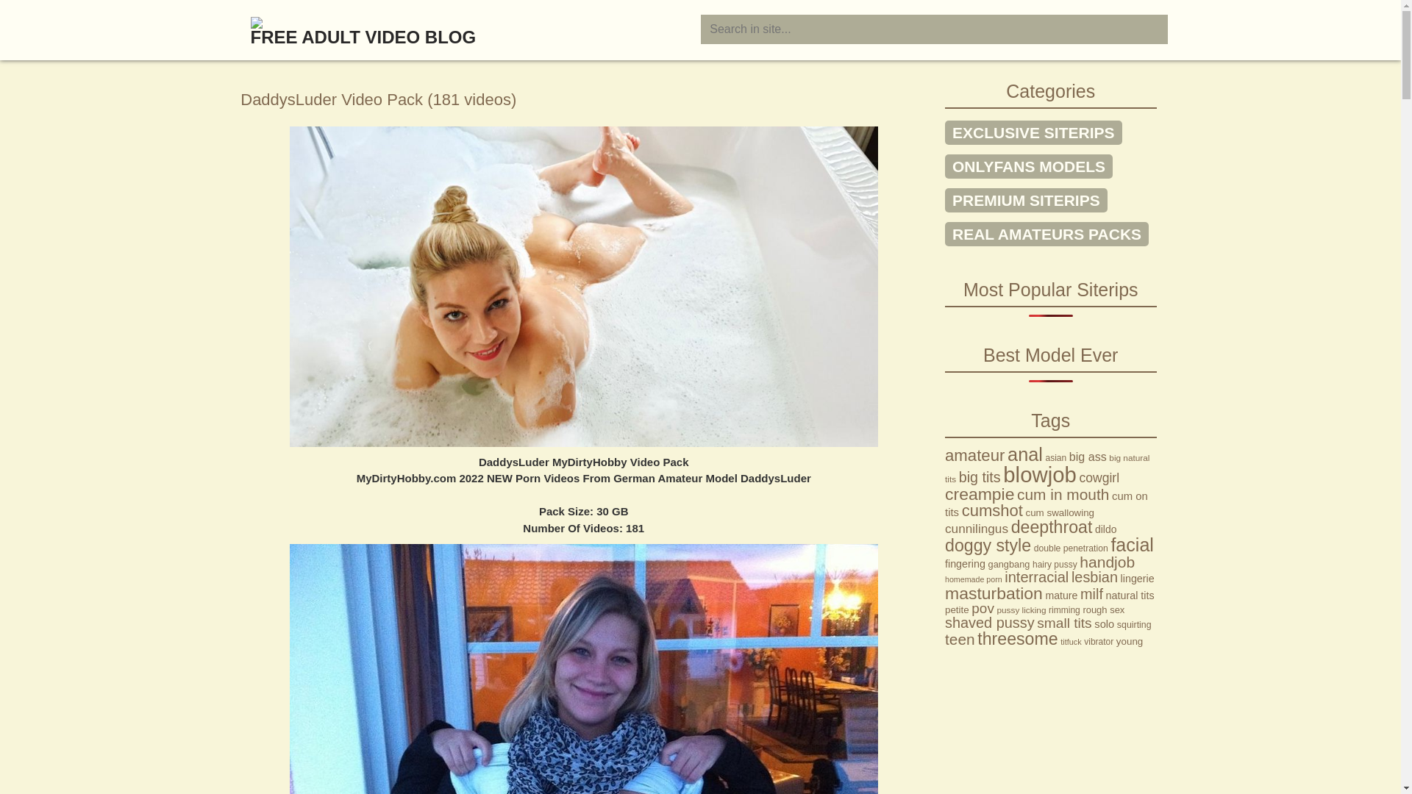 The width and height of the screenshot is (1412, 794). I want to click on 'PREMIUM SITERIPS', so click(1025, 200).